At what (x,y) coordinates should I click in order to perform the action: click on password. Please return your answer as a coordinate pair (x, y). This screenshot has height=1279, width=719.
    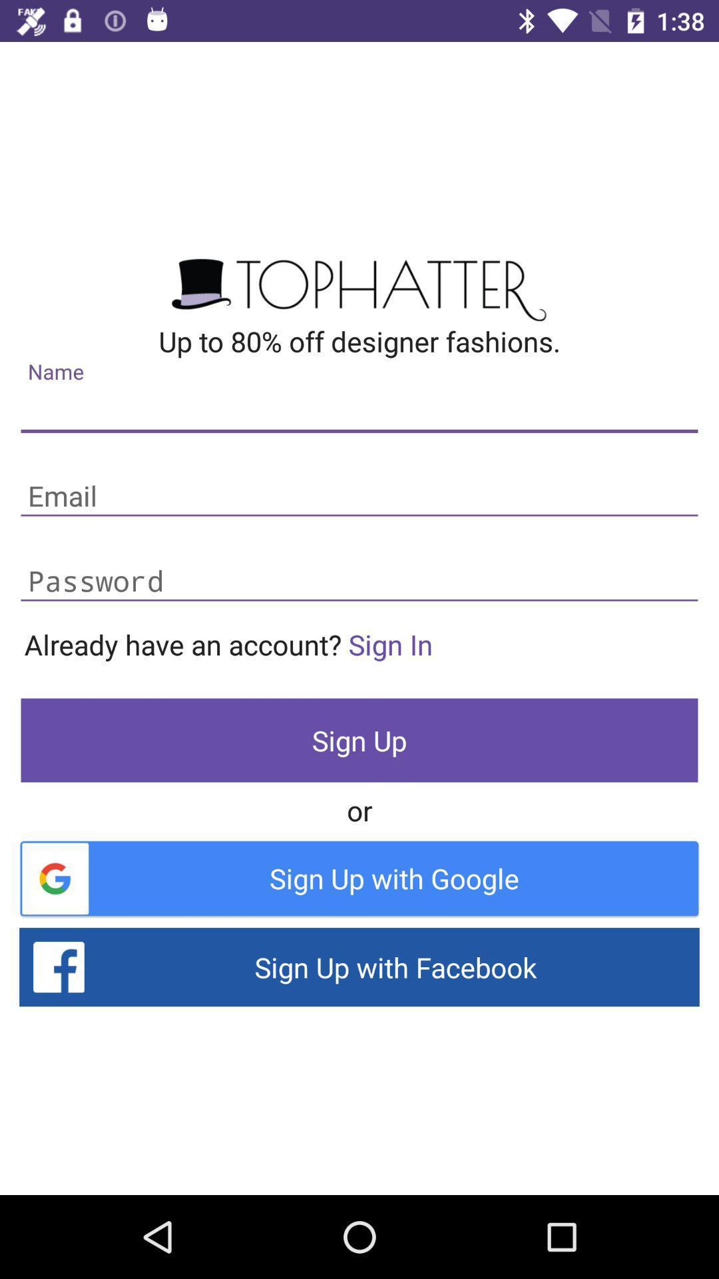
    Looking at the image, I should click on (359, 582).